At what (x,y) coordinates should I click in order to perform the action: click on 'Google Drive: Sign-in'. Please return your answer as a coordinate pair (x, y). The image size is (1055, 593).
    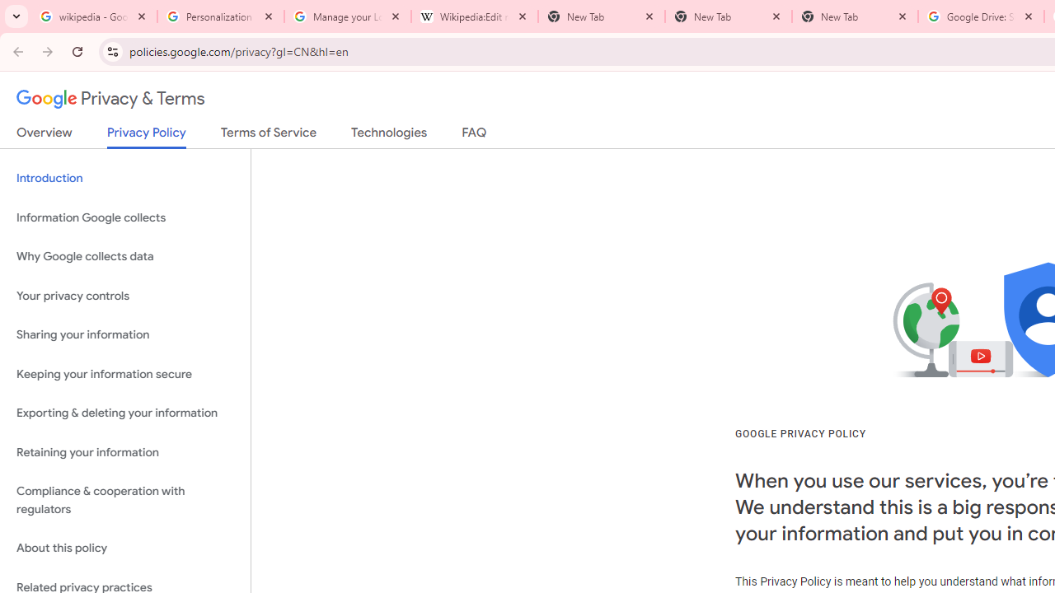
    Looking at the image, I should click on (981, 16).